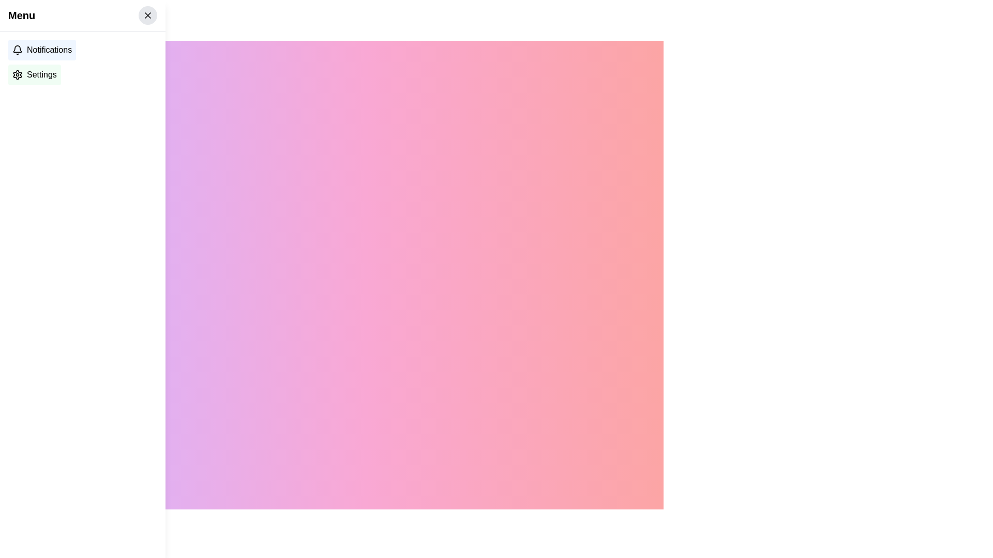 Image resolution: width=993 pixels, height=558 pixels. Describe the element at coordinates (147, 16) in the screenshot. I see `the close button located in the top-right corner of the header bar` at that location.